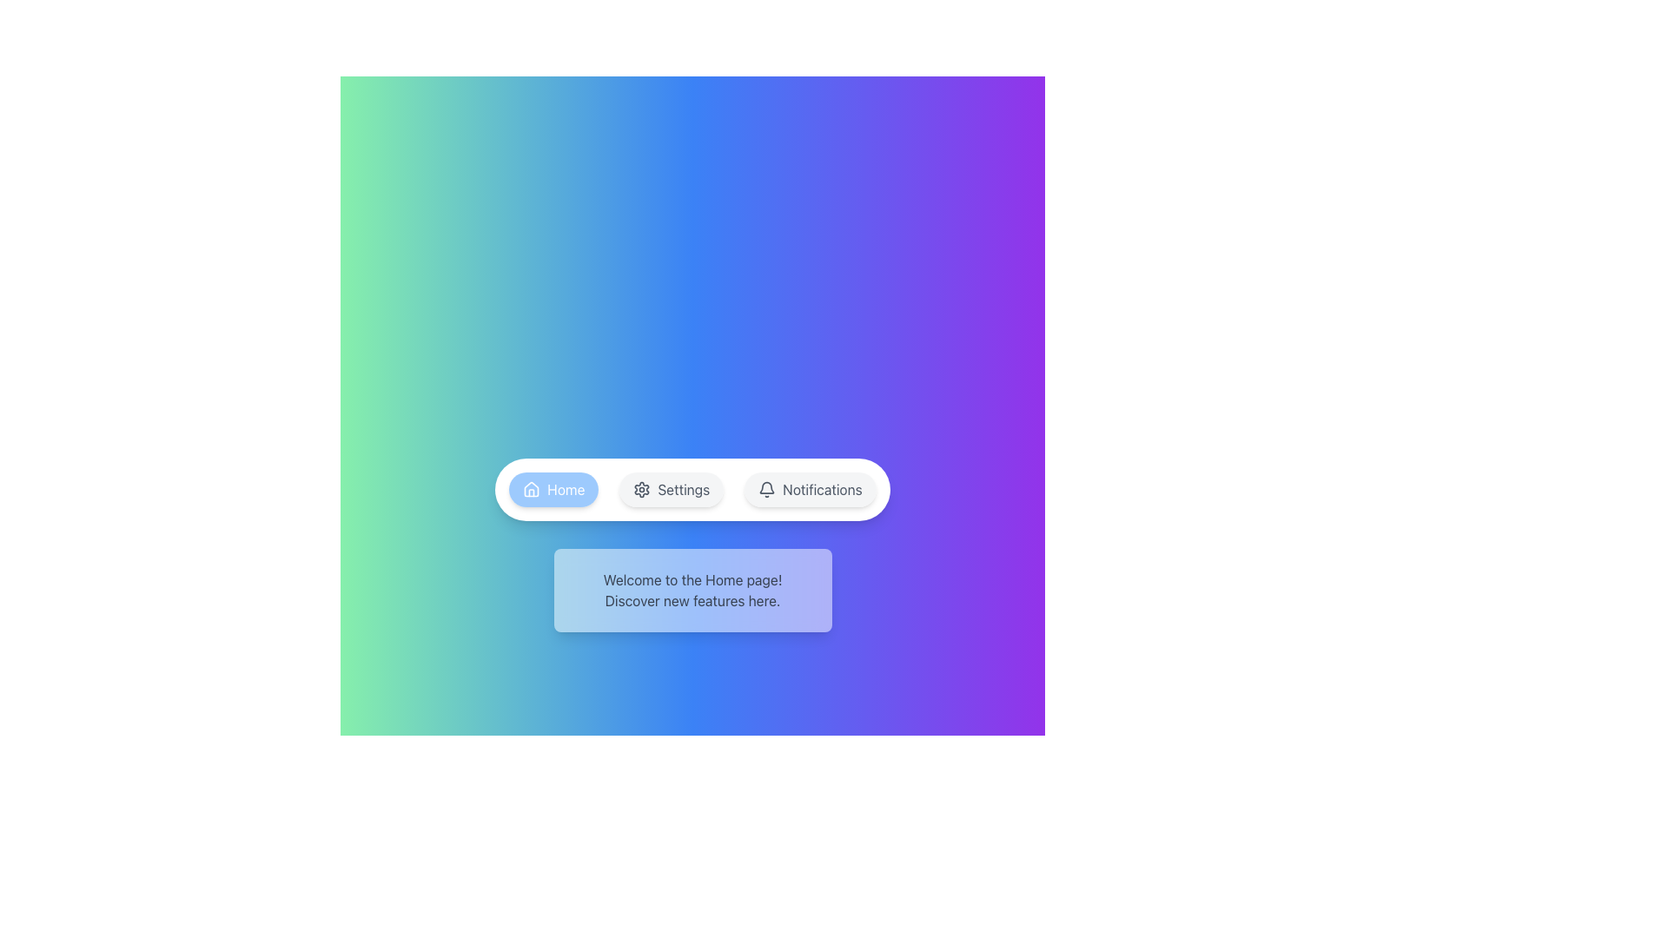 The width and height of the screenshot is (1668, 938). I want to click on the 'Settings' button located in the navigation bar, so click(671, 489).